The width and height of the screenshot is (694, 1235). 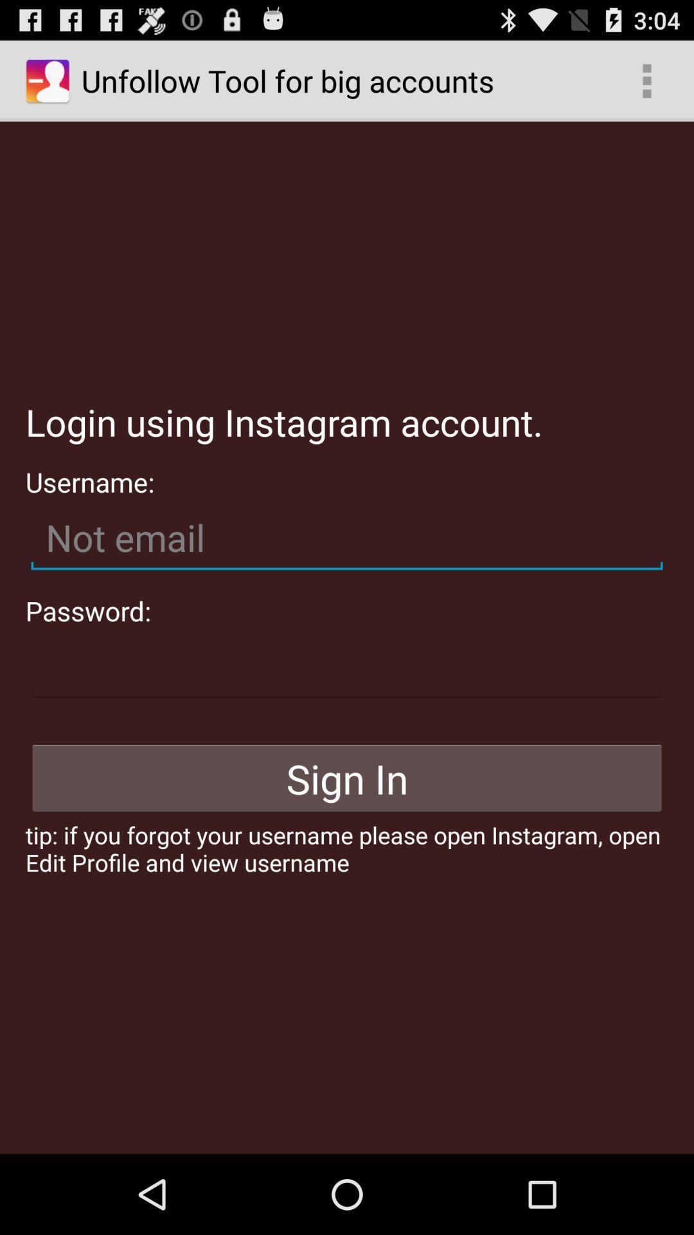 What do you see at coordinates (646, 80) in the screenshot?
I see `the item above the login using instagram icon` at bounding box center [646, 80].